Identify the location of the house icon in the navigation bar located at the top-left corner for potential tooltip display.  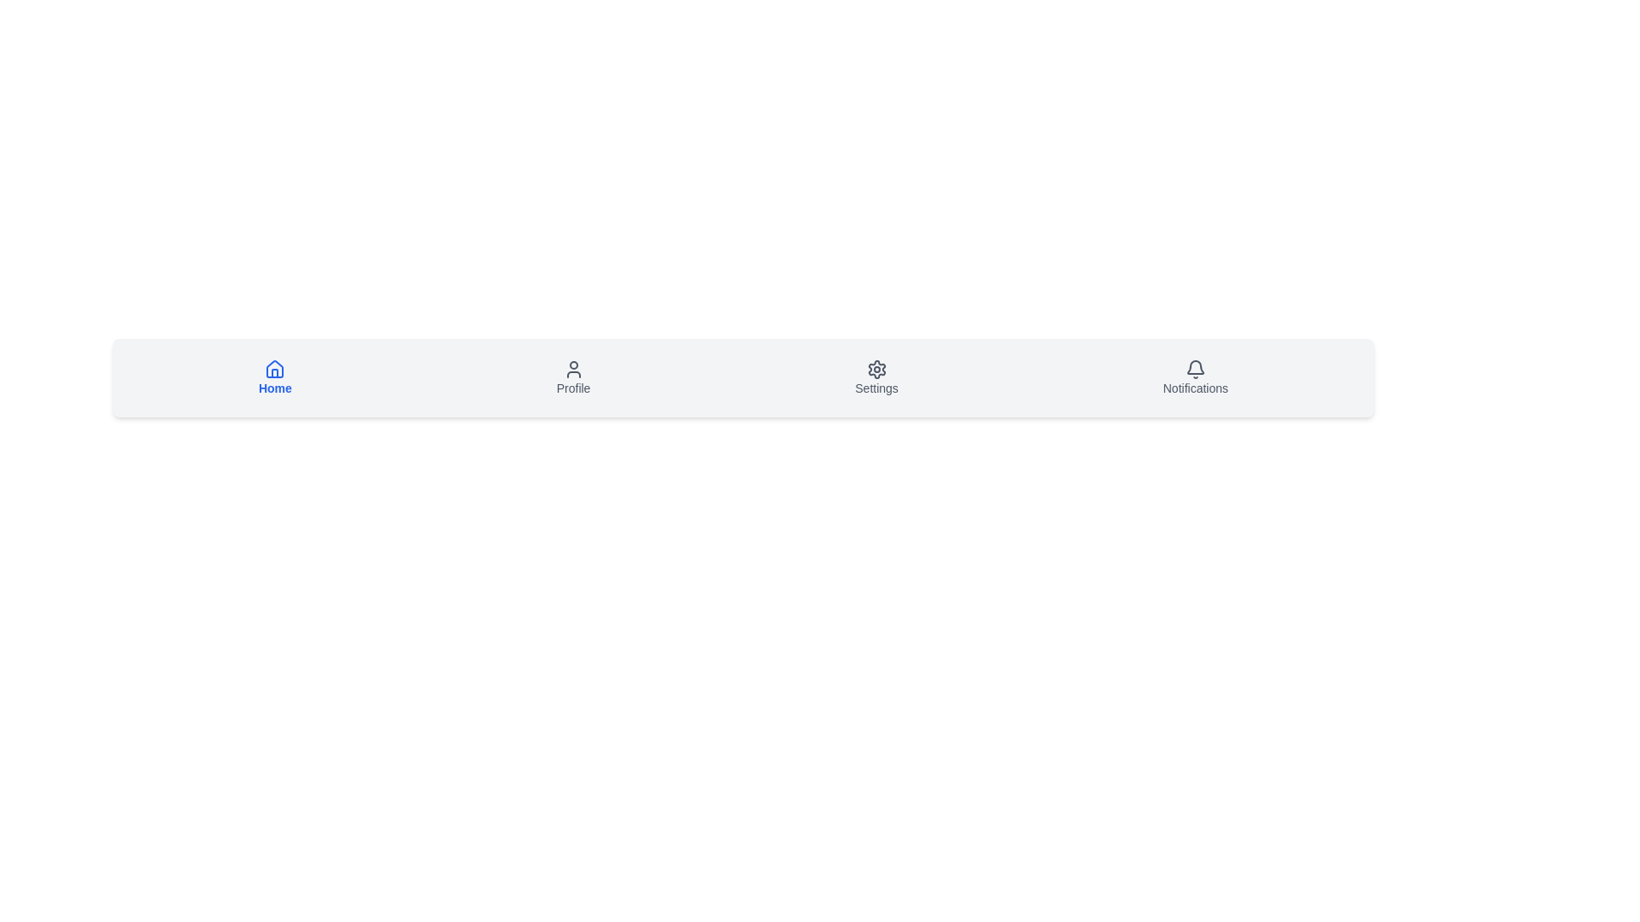
(275, 368).